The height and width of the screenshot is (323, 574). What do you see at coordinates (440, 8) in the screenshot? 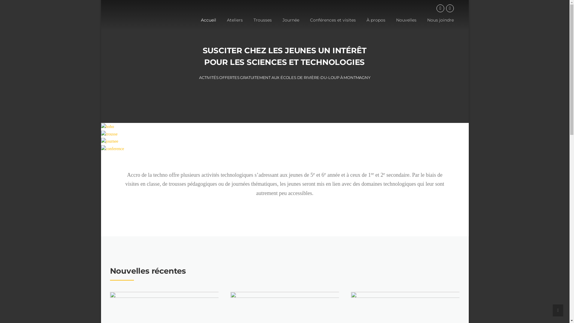
I see `'Facebook'` at bounding box center [440, 8].